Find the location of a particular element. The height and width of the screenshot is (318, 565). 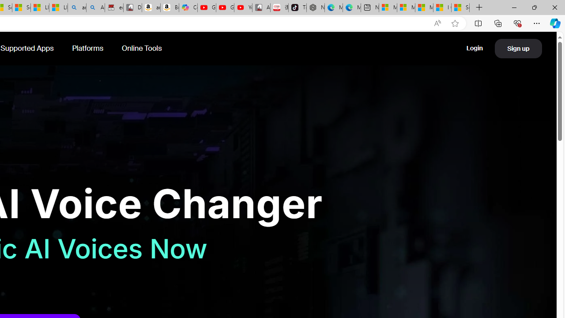

'Copilot' is located at coordinates (188, 8).